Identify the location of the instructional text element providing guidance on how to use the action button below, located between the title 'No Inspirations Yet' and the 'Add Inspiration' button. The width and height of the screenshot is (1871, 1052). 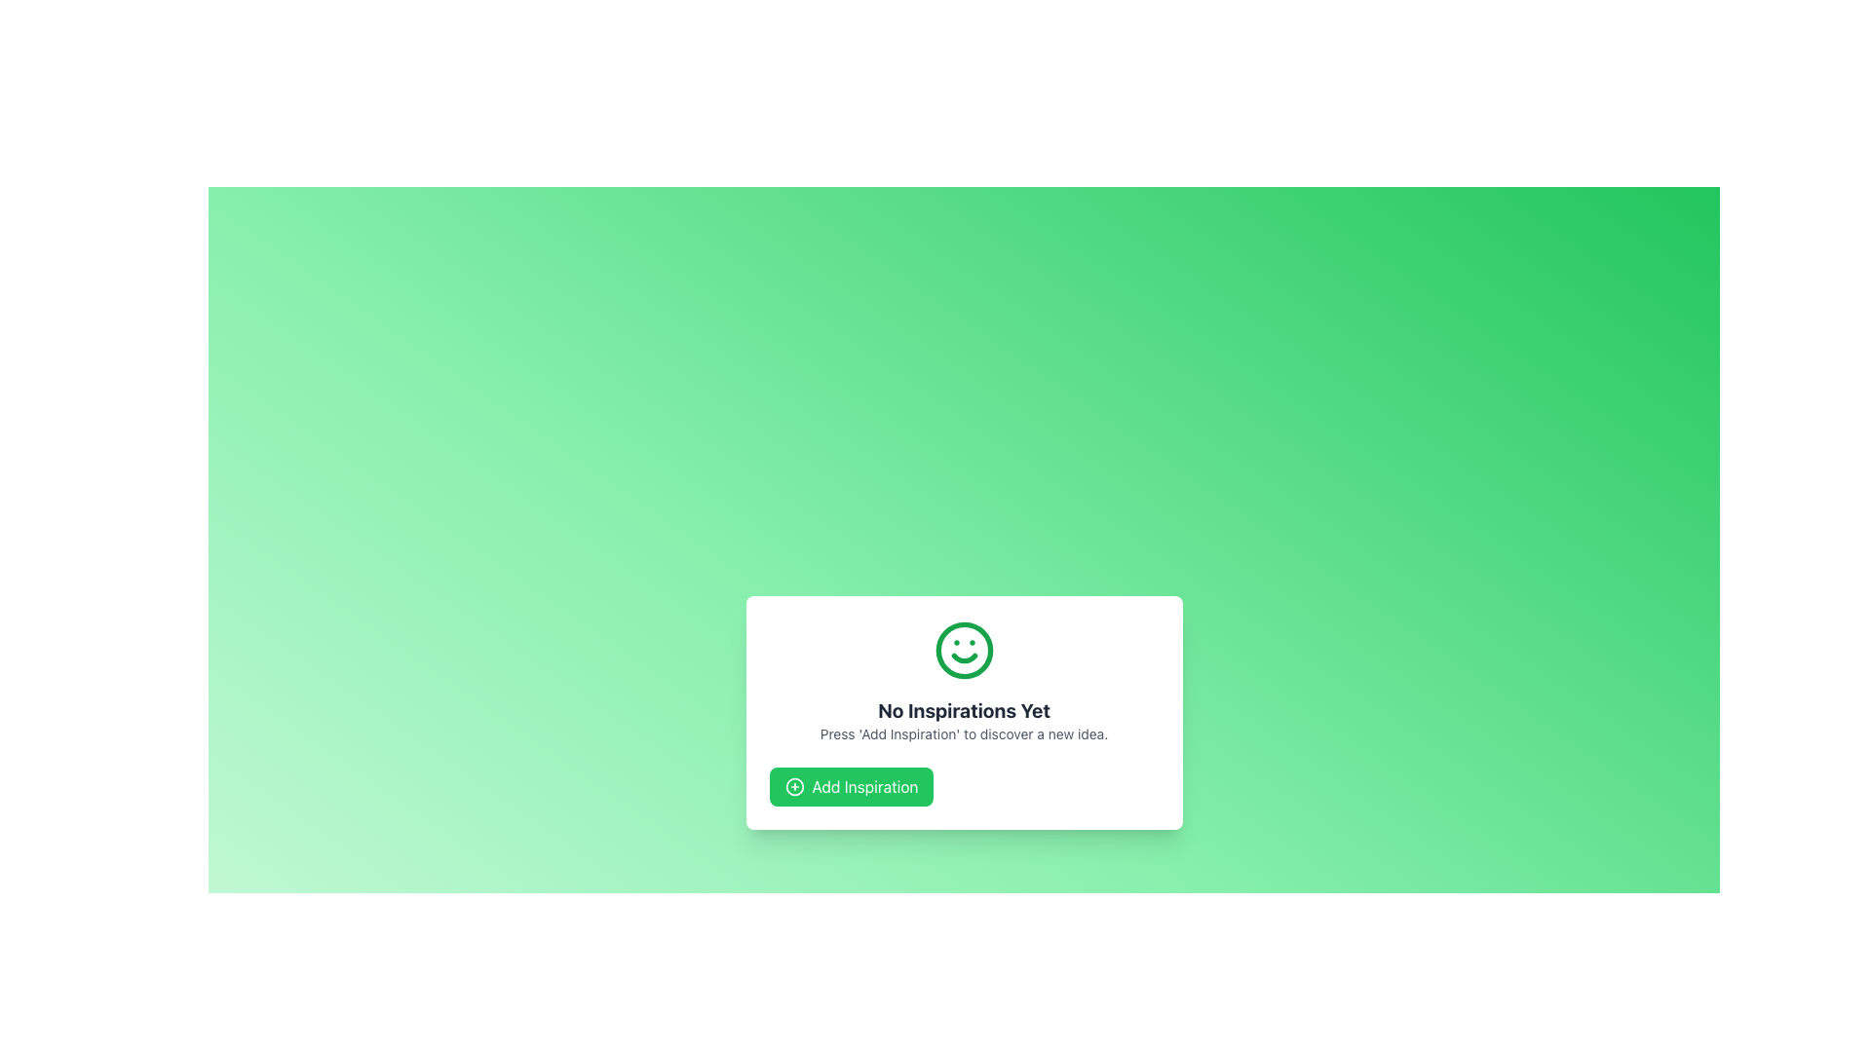
(964, 733).